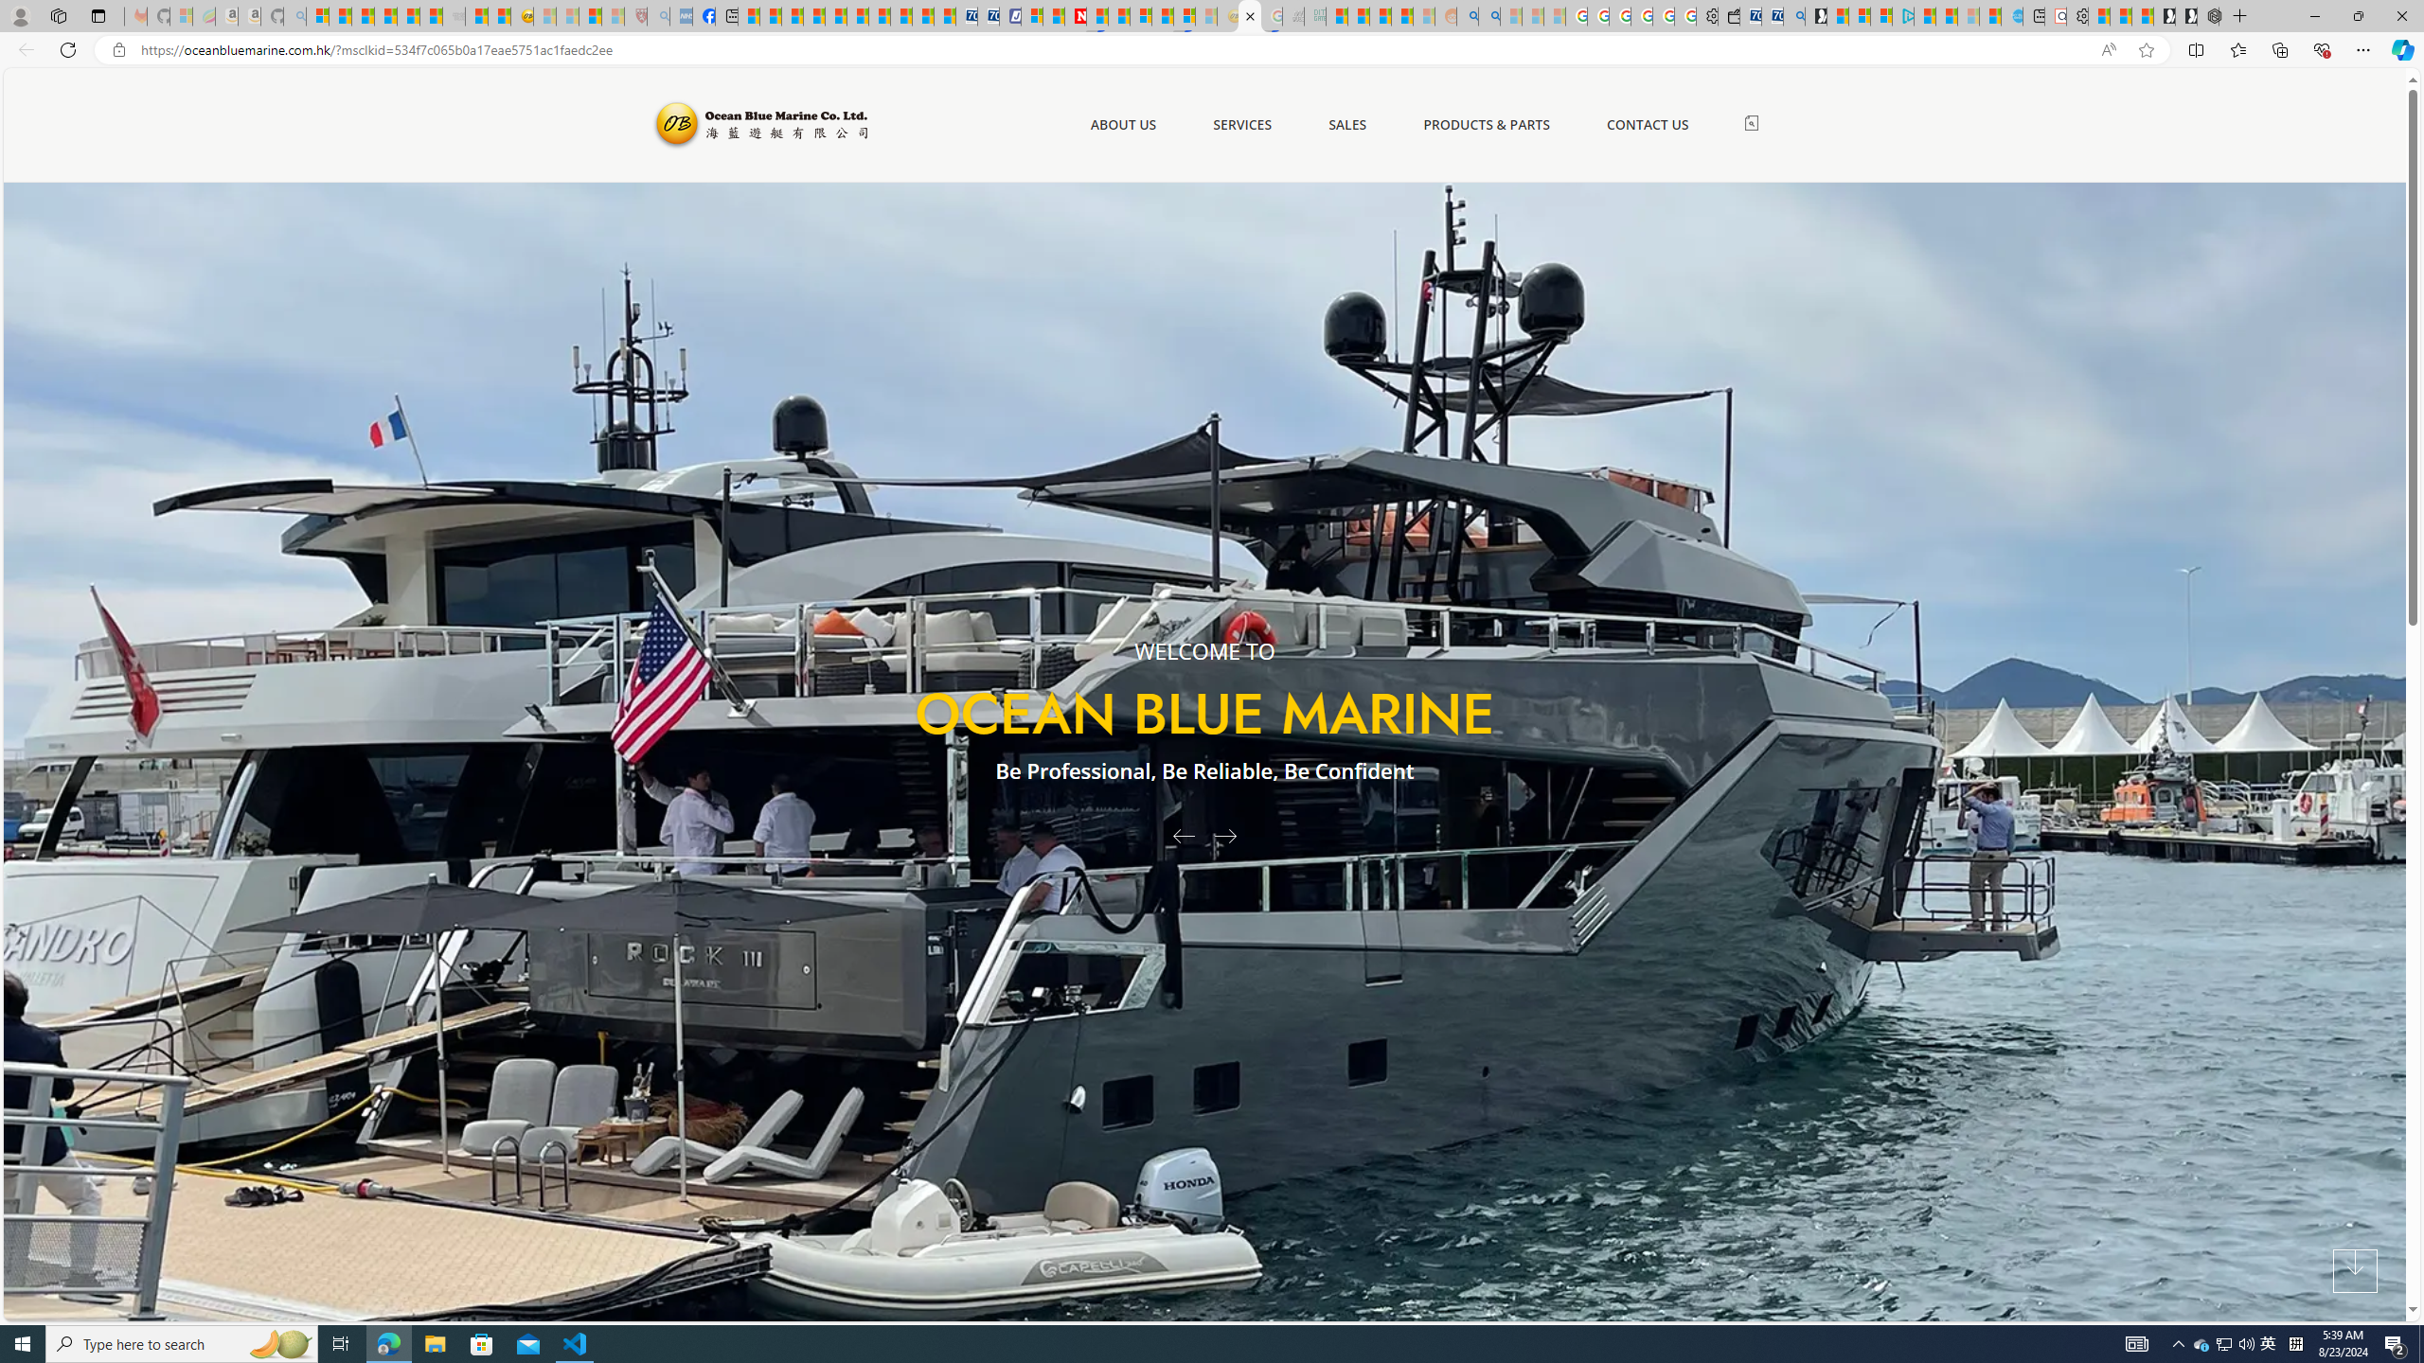 Image resolution: width=2424 pixels, height=1363 pixels. Describe the element at coordinates (1489, 15) in the screenshot. I see `'Utah sues federal government - Search'` at that location.